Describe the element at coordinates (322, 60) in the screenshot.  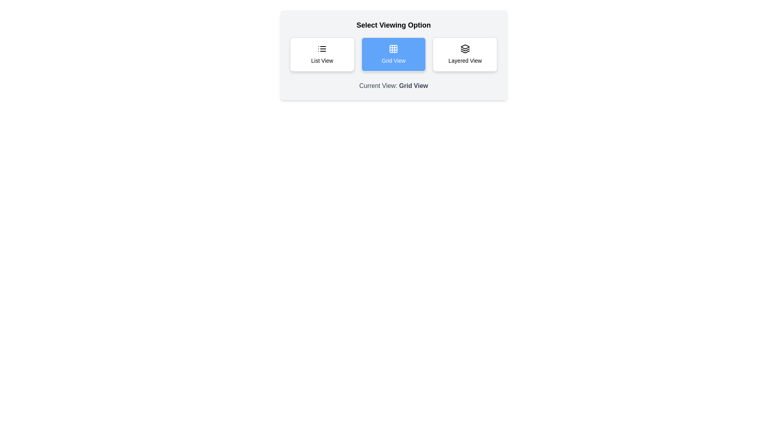
I see `text label that describes the 'List View' selection option, which is centered horizontally below the list icon in the viewing selection panel` at that location.